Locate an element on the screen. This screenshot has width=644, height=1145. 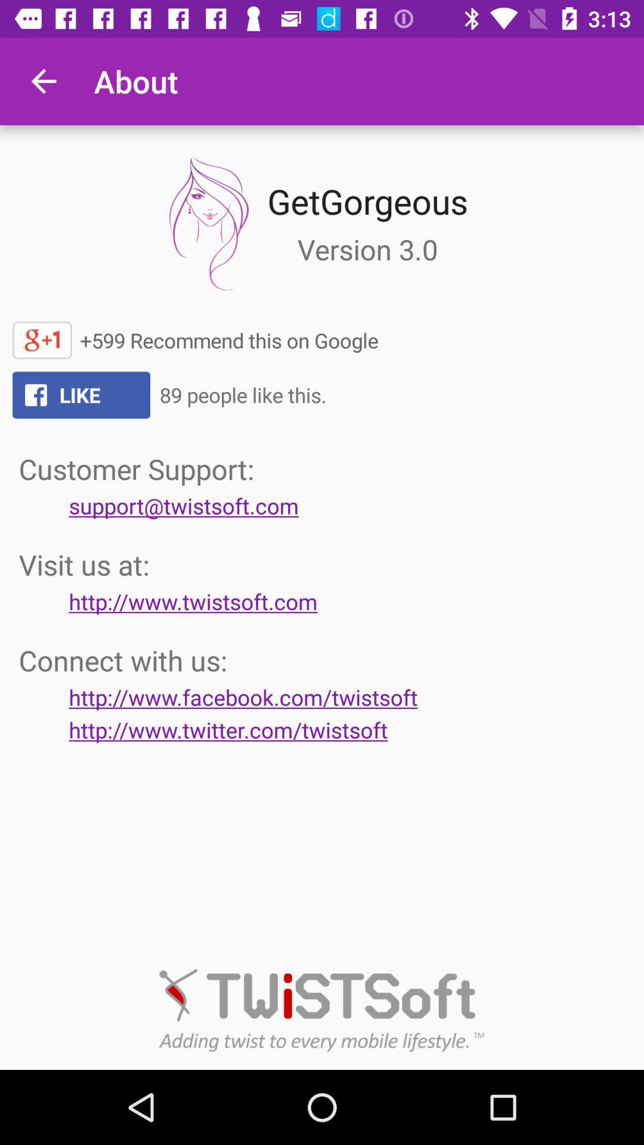
the text like is located at coordinates (80, 395).